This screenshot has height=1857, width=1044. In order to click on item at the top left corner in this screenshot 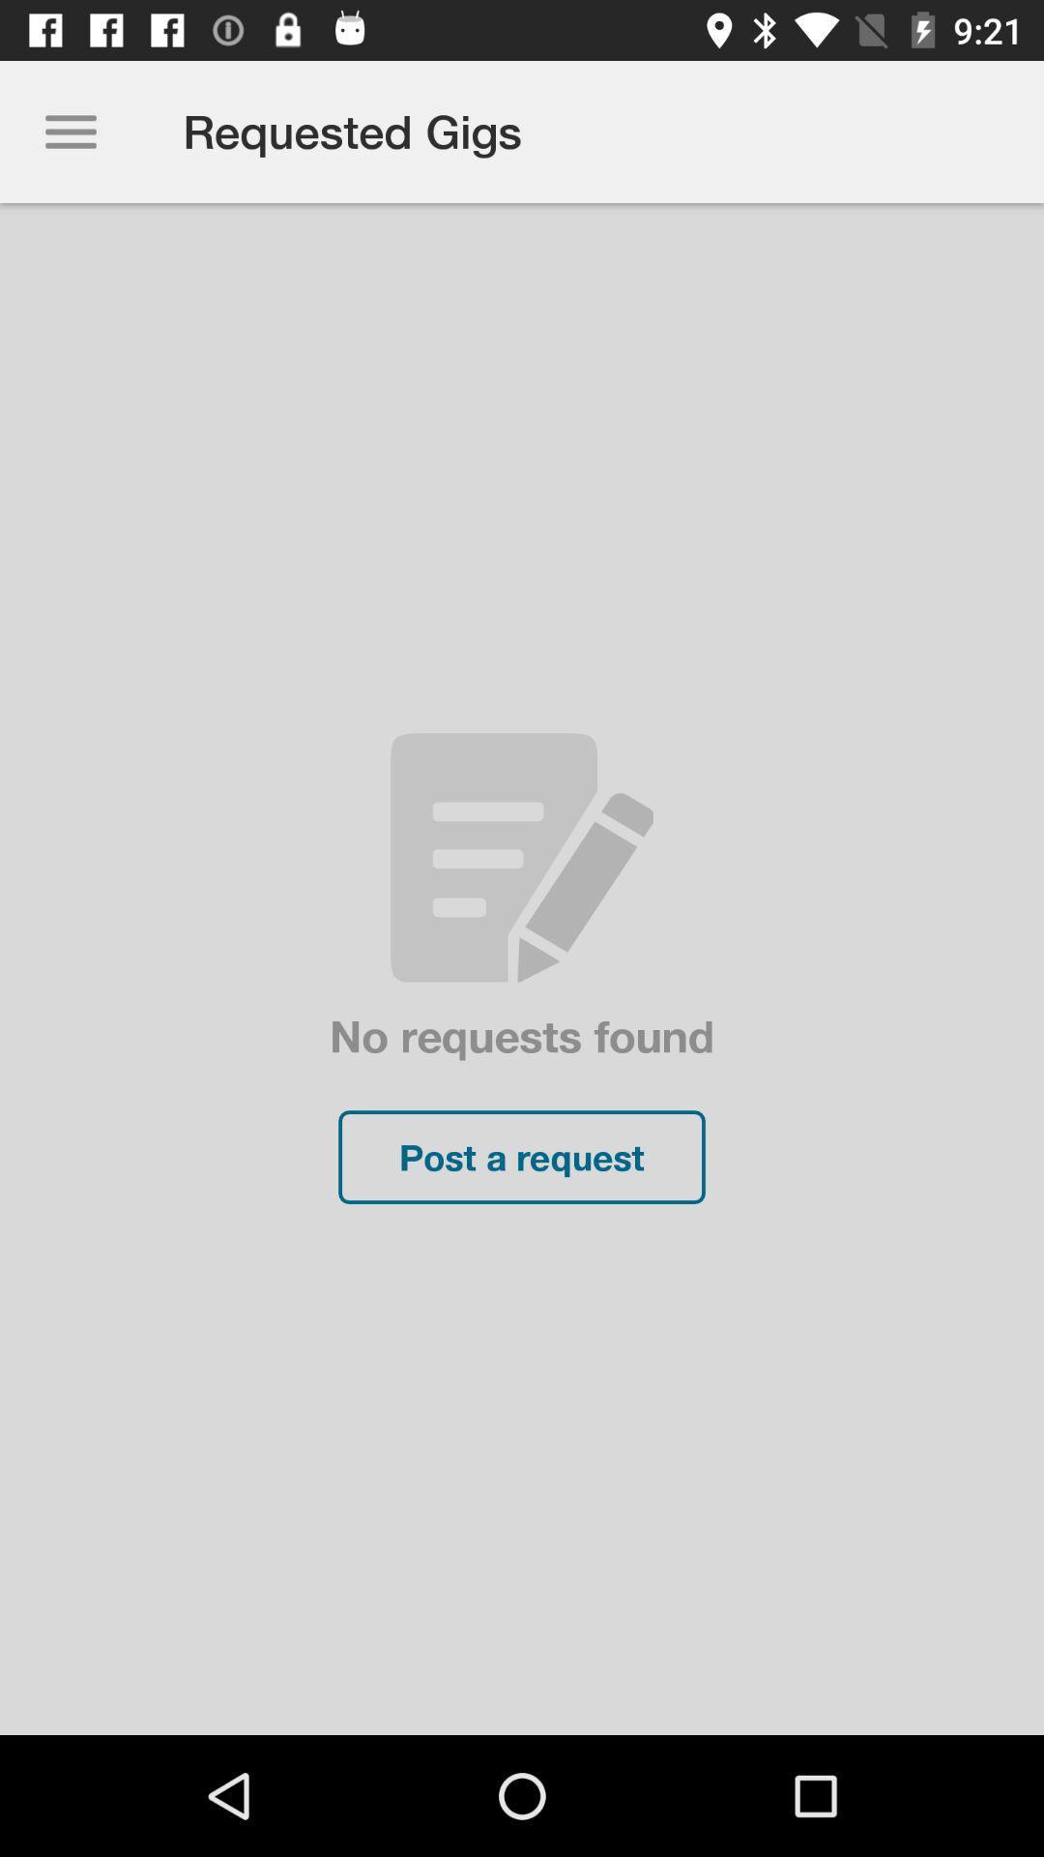, I will do `click(70, 131)`.